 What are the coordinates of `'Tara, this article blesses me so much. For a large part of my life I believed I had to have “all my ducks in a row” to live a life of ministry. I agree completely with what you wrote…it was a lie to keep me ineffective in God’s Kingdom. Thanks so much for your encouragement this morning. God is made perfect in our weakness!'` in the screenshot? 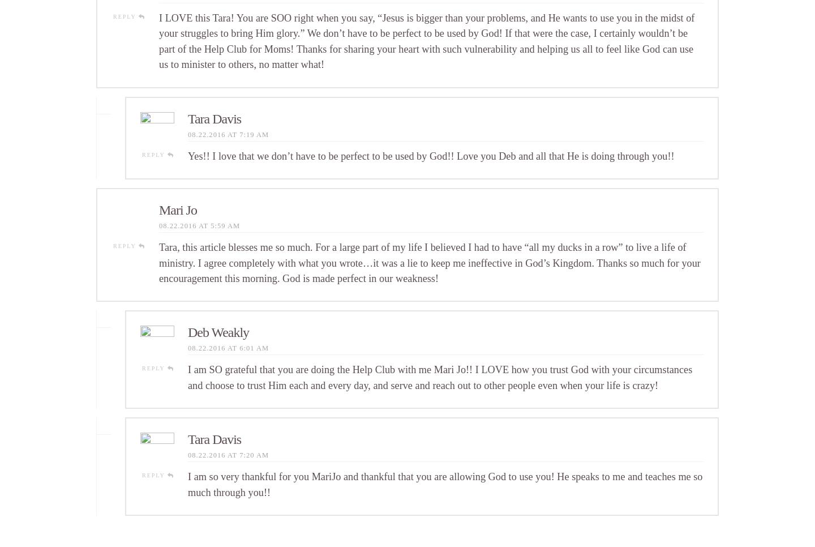 It's located at (429, 262).